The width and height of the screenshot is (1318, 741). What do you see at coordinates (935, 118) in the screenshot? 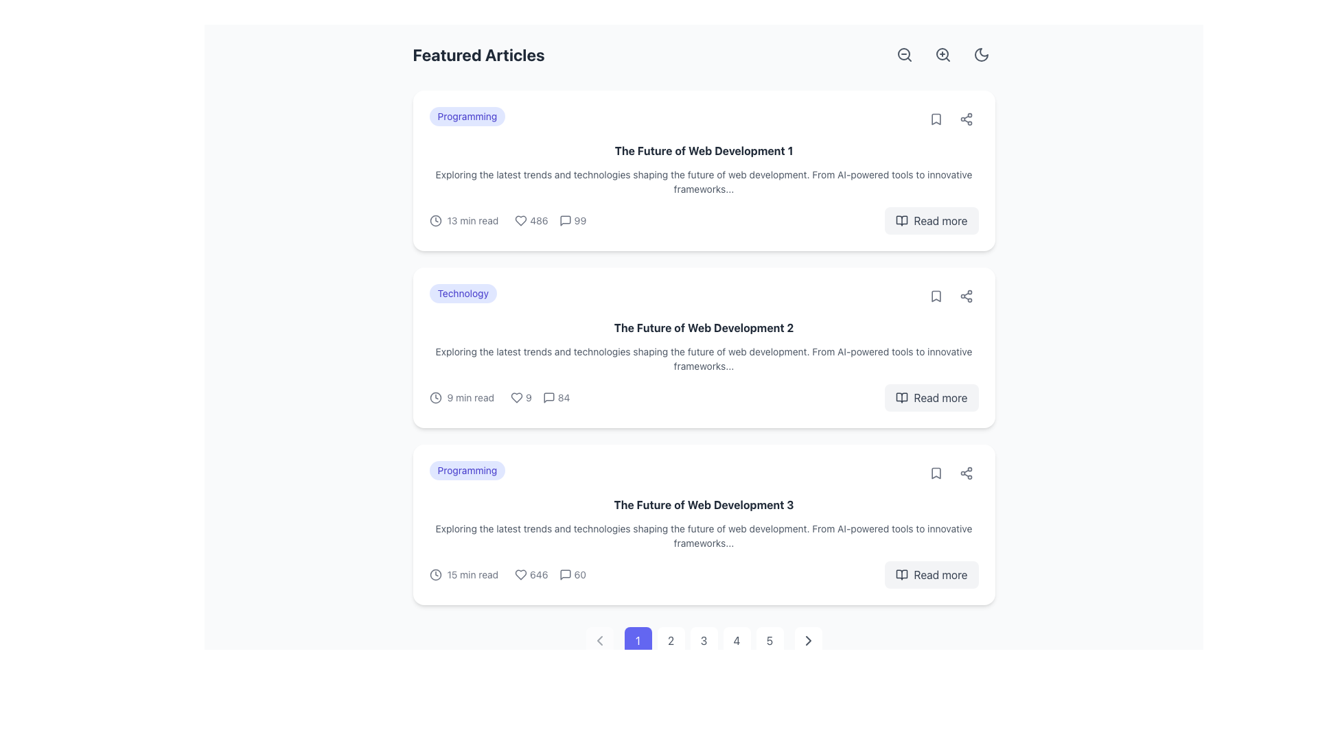
I see `the small gray bookmark icon button in the top-right corner of the card for 'The Future of Web Development 1'` at bounding box center [935, 118].